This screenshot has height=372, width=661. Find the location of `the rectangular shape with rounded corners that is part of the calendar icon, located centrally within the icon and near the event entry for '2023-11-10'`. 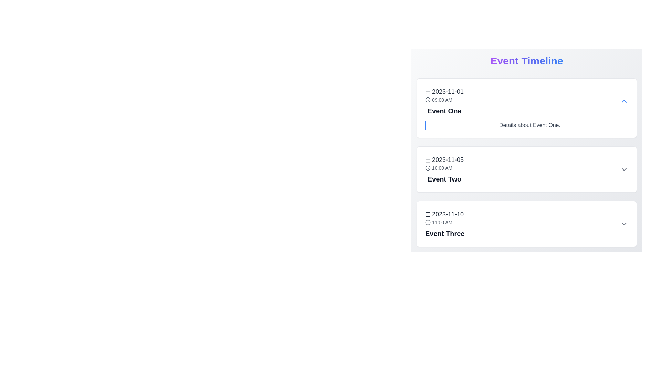

the rectangular shape with rounded corners that is part of the calendar icon, located centrally within the icon and near the event entry for '2023-11-10' is located at coordinates (428, 214).